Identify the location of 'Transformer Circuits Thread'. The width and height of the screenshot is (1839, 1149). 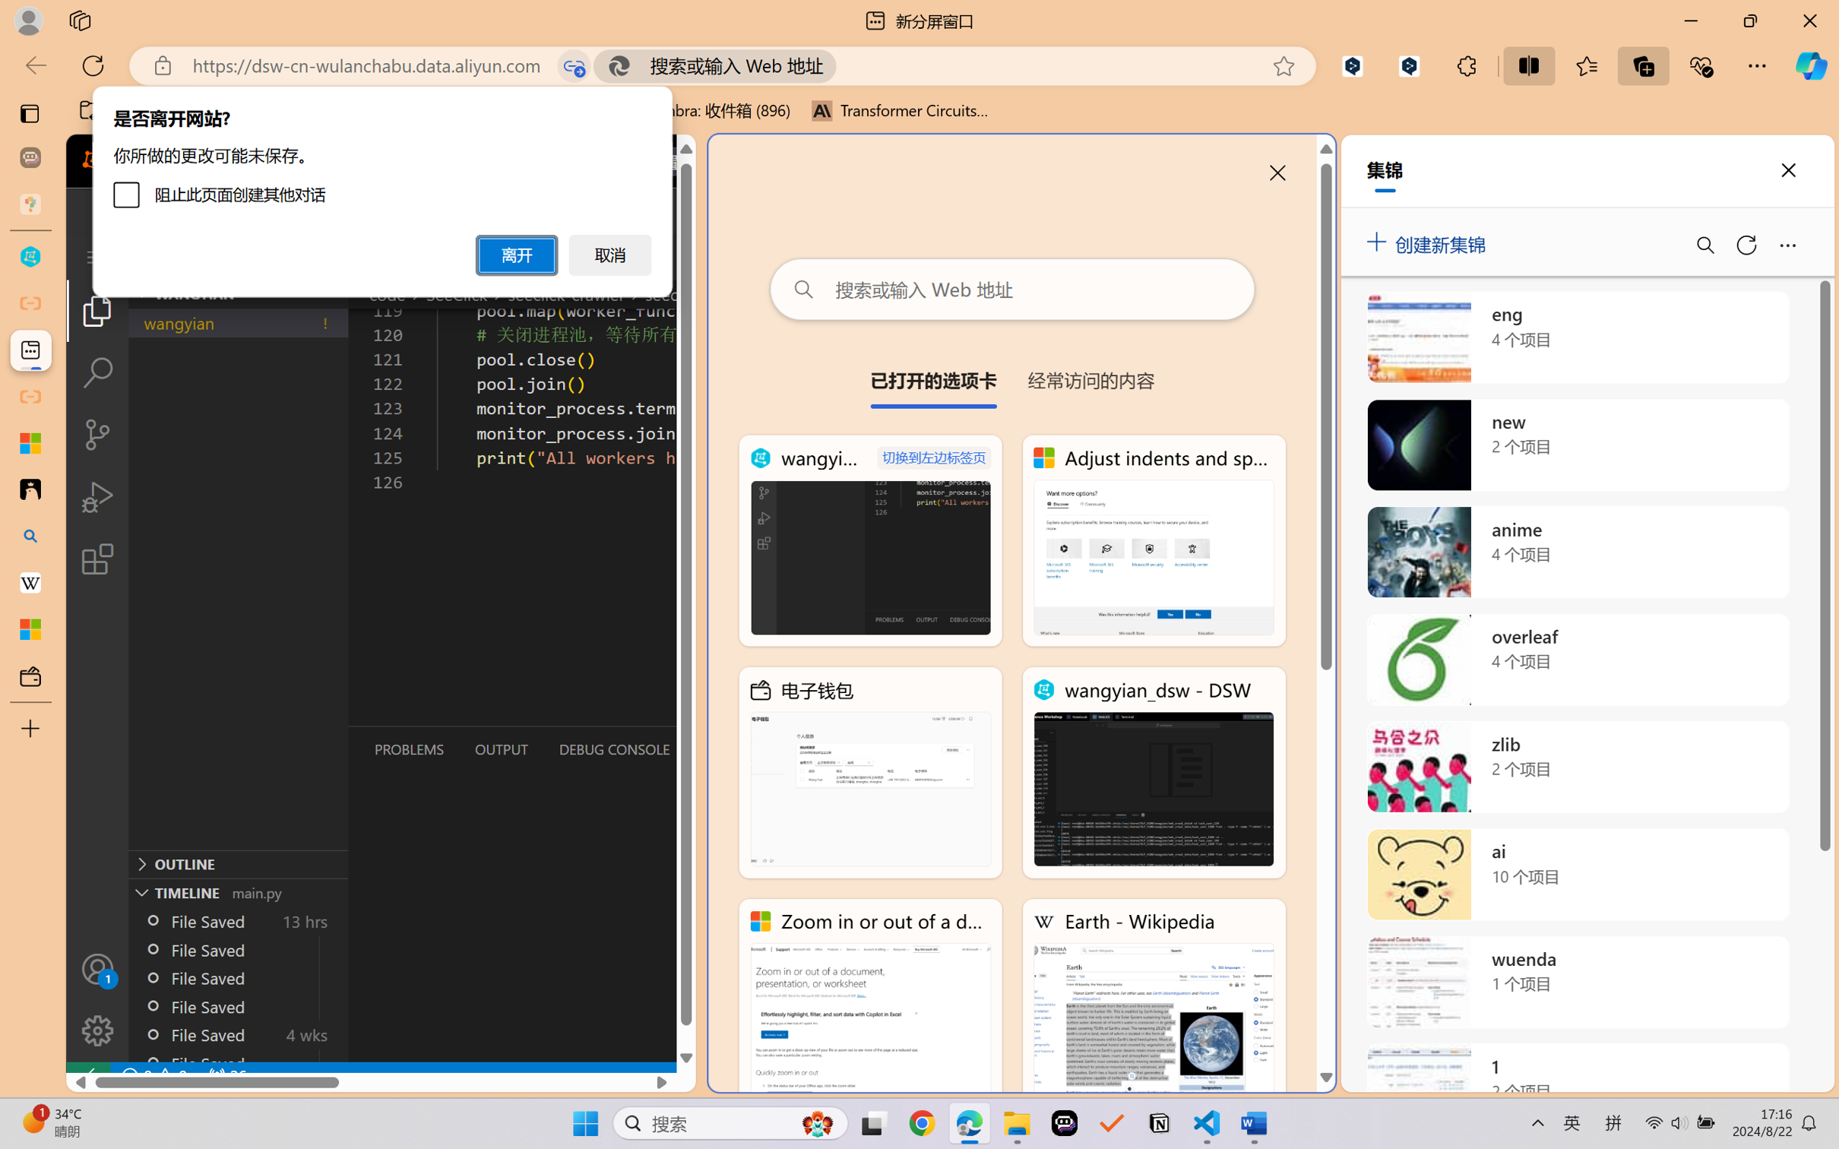
(900, 110).